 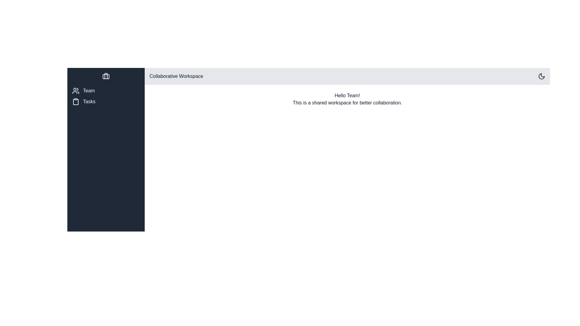 What do you see at coordinates (75, 91) in the screenshot?
I see `the 'Team' icon in the sidebar navigation menu` at bounding box center [75, 91].